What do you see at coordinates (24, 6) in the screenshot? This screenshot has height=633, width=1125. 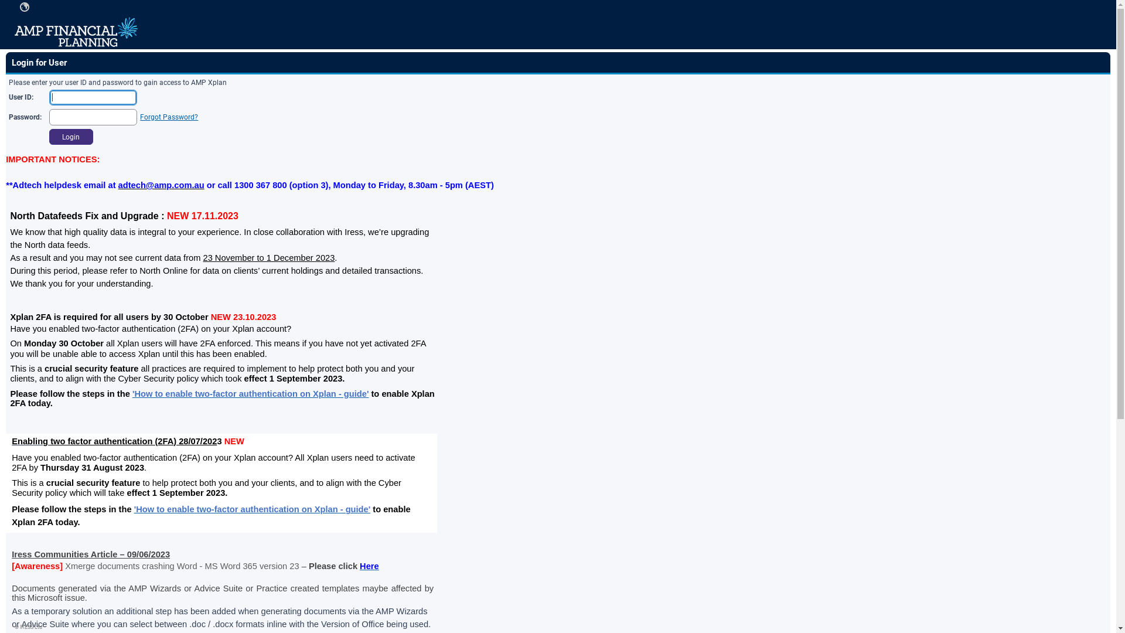 I see `' '` at bounding box center [24, 6].